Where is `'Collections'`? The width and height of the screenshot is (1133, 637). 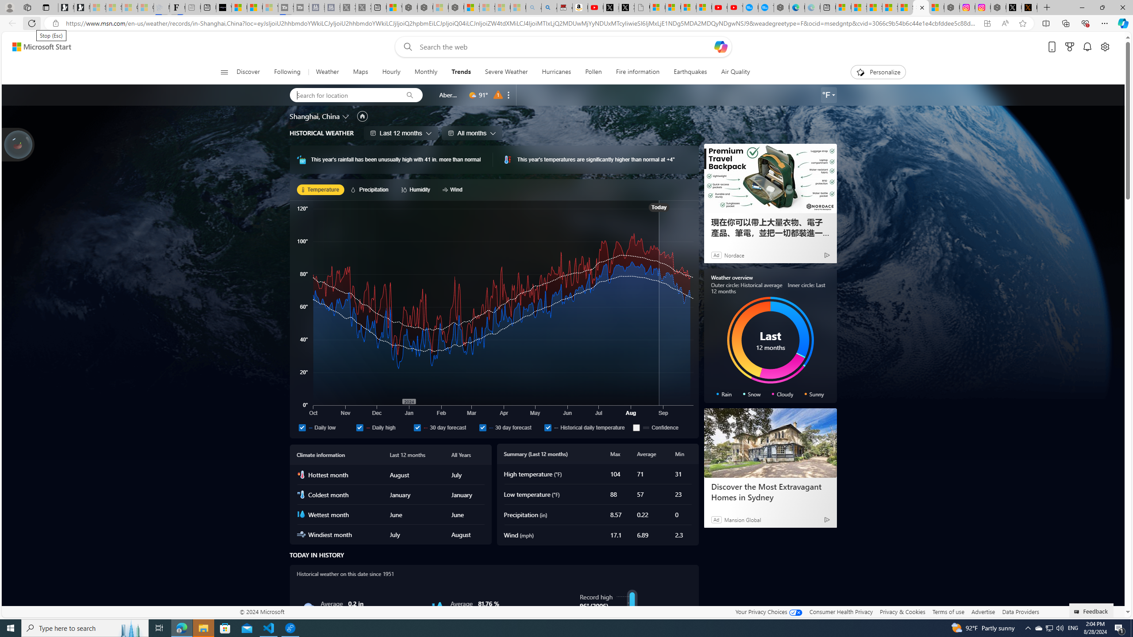 'Collections' is located at coordinates (1065, 23).